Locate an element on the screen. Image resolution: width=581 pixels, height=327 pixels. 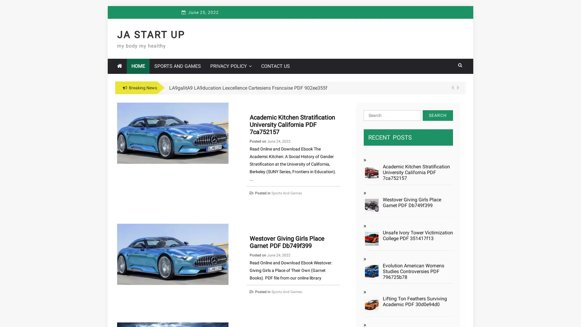
Search is located at coordinates (437, 115).